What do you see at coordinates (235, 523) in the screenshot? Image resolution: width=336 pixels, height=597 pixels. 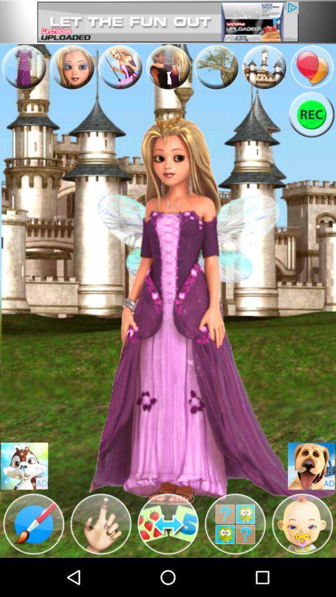 I see `help icon` at bounding box center [235, 523].